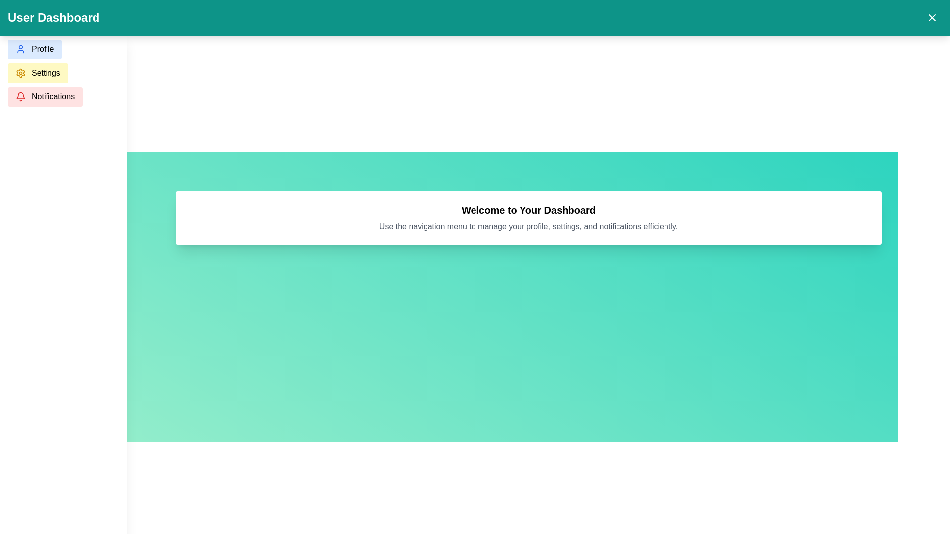  What do you see at coordinates (63, 72) in the screenshot?
I see `the 'Profile' option in the vertical navigation menu located in the sidebar panel` at bounding box center [63, 72].